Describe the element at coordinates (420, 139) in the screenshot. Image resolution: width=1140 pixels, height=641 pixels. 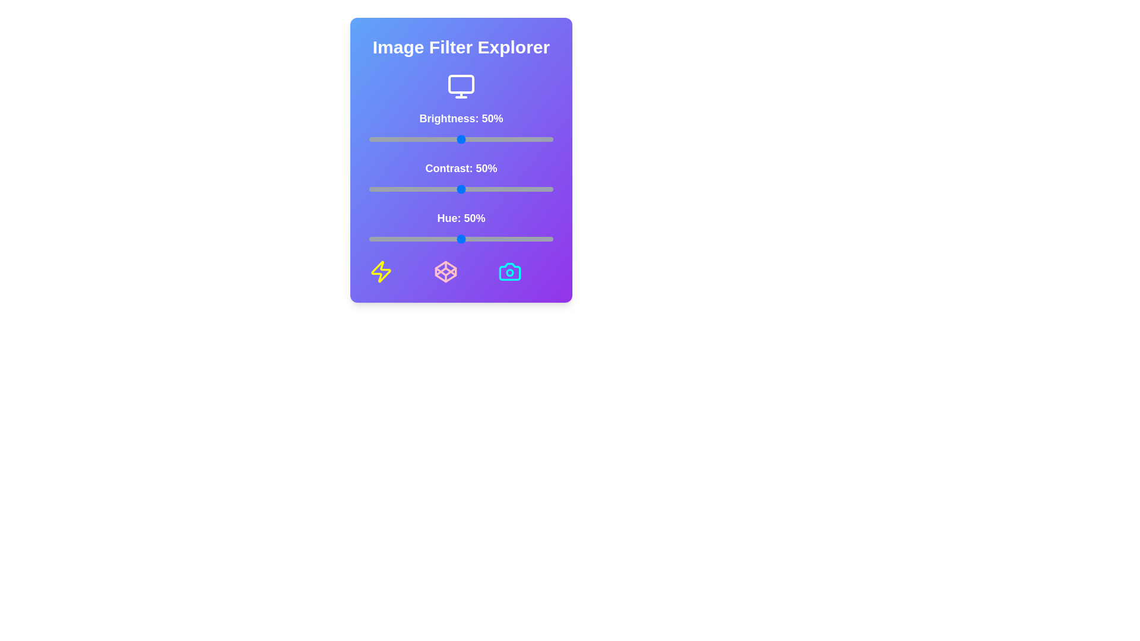
I see `the brightness slider to 28%` at that location.